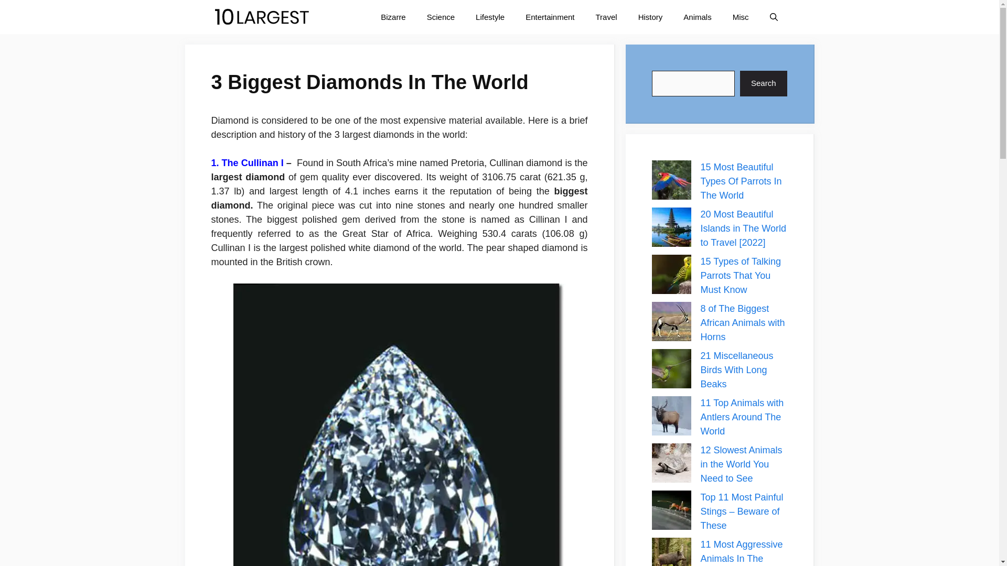 The image size is (1007, 566). Describe the element at coordinates (441, 17) in the screenshot. I see `'Science'` at that location.